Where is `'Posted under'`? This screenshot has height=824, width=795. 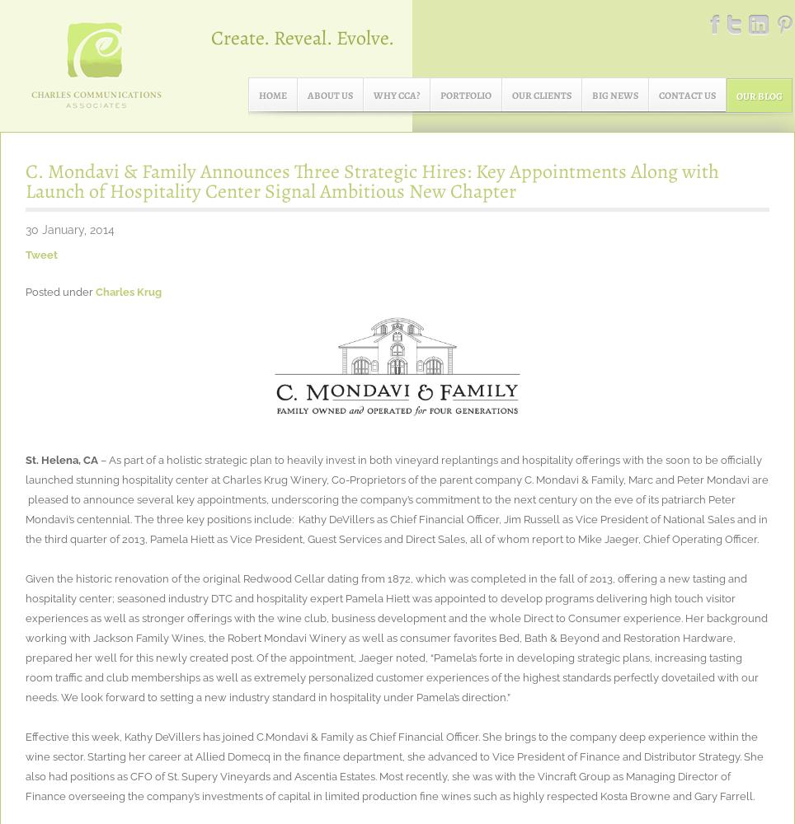 'Posted under' is located at coordinates (60, 291).